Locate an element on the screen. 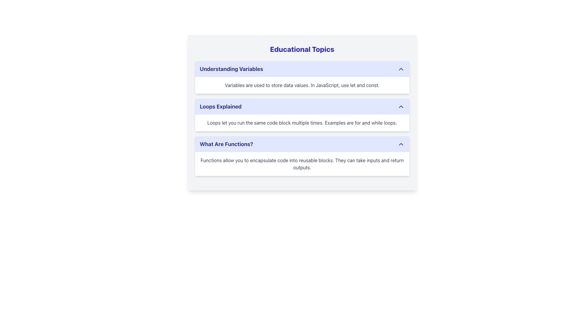  the small upward-pointing chevron arrow icon, styled in dark indigo, positioned to the far right within the highlighted row labeled 'Loops Explained' is located at coordinates (401, 106).